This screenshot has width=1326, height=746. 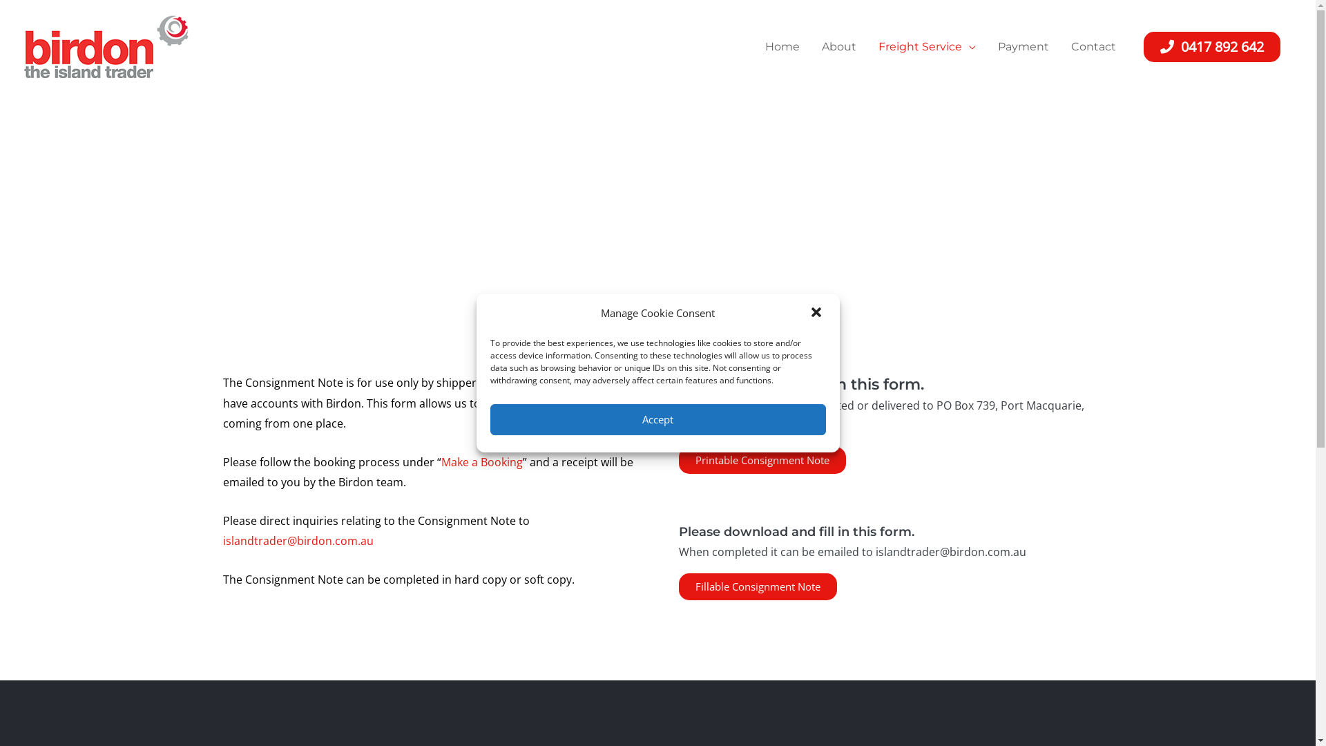 I want to click on 'Accept', so click(x=657, y=419).